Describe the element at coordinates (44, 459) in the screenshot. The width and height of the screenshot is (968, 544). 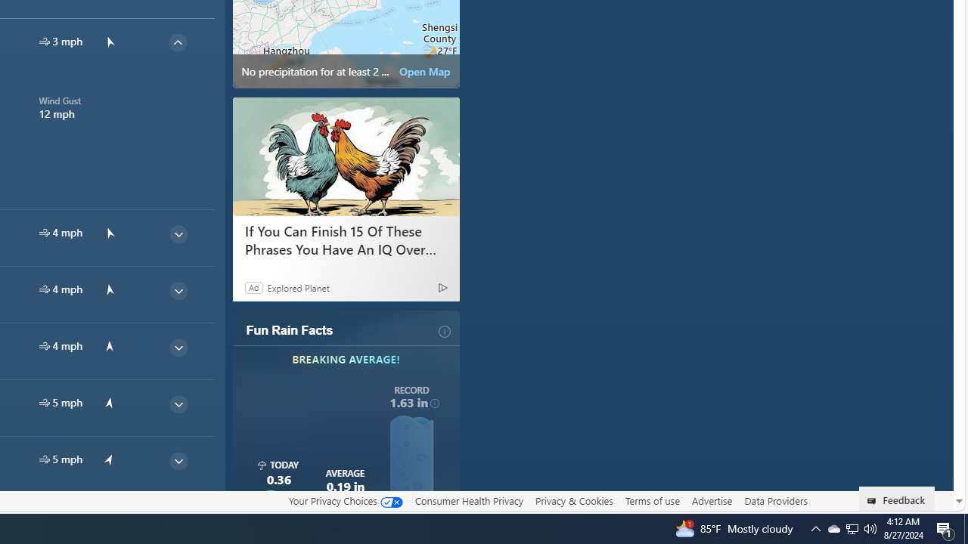
I see `'hourlyTable/wind'` at that location.